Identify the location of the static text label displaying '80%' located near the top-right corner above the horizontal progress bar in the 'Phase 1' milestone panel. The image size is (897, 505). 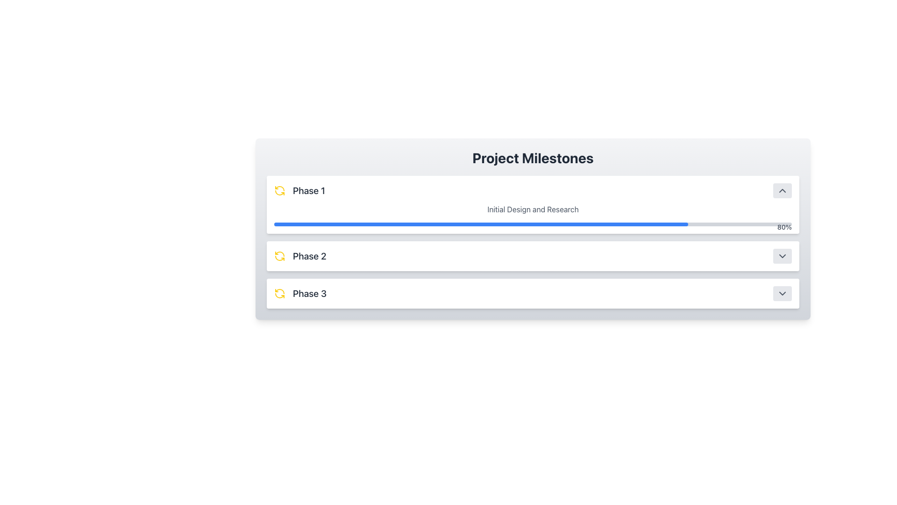
(784, 227).